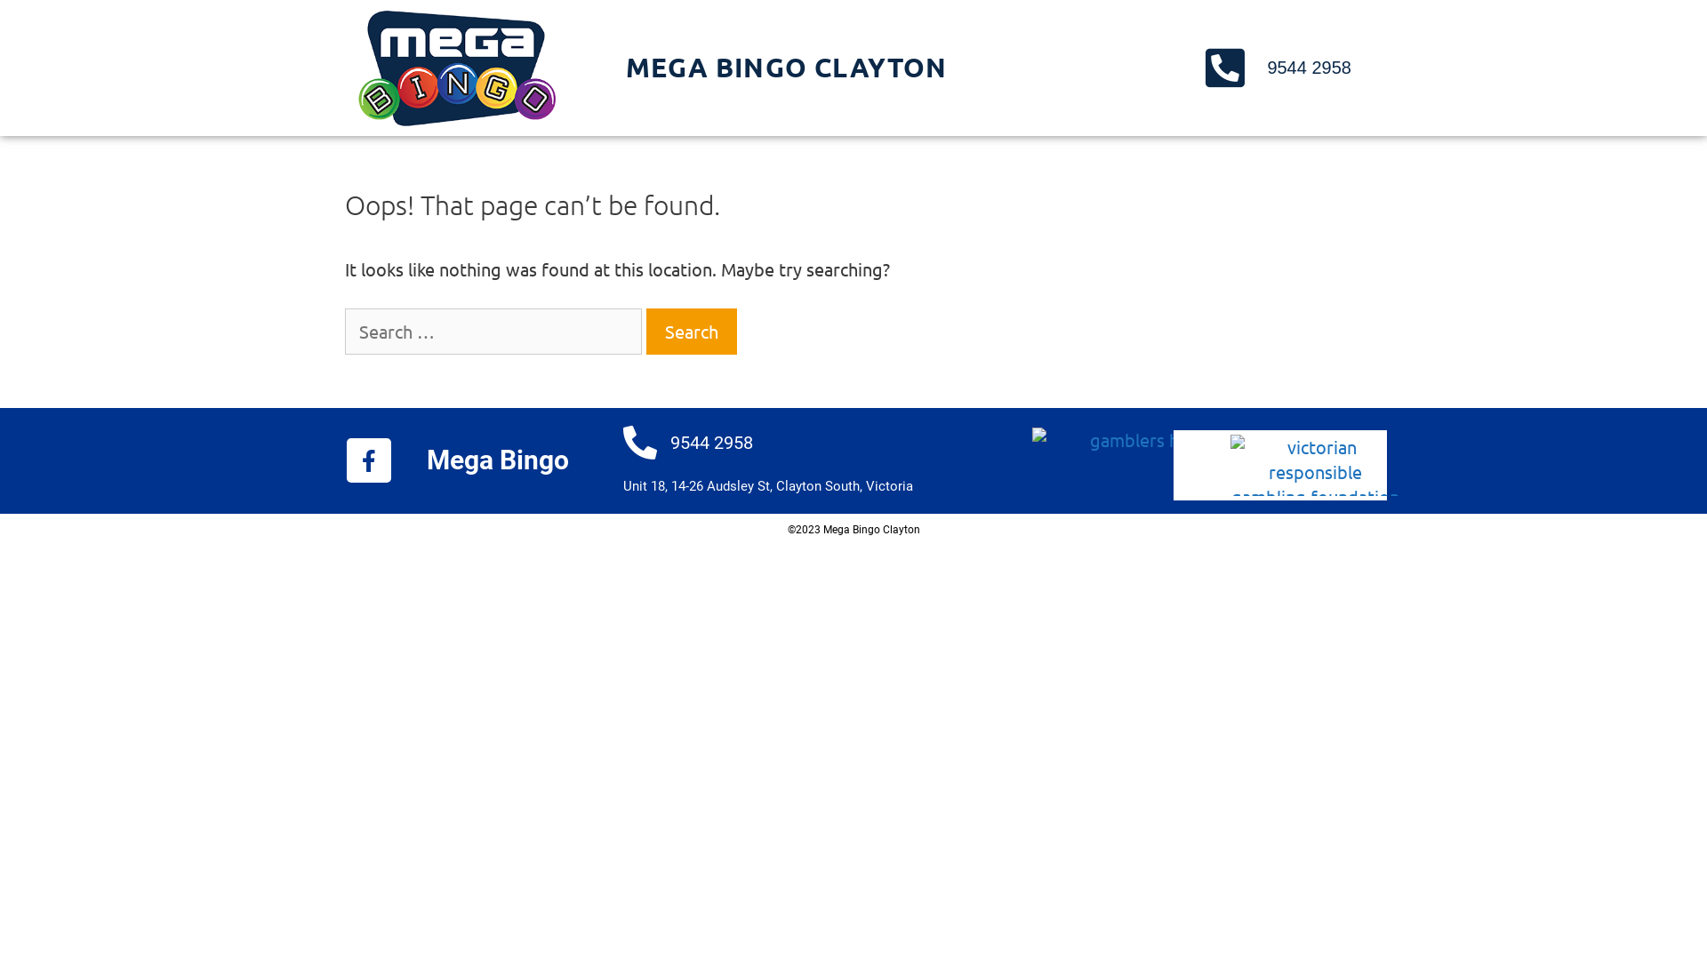 Image resolution: width=1707 pixels, height=960 pixels. Describe the element at coordinates (690, 332) in the screenshot. I see `'Search'` at that location.